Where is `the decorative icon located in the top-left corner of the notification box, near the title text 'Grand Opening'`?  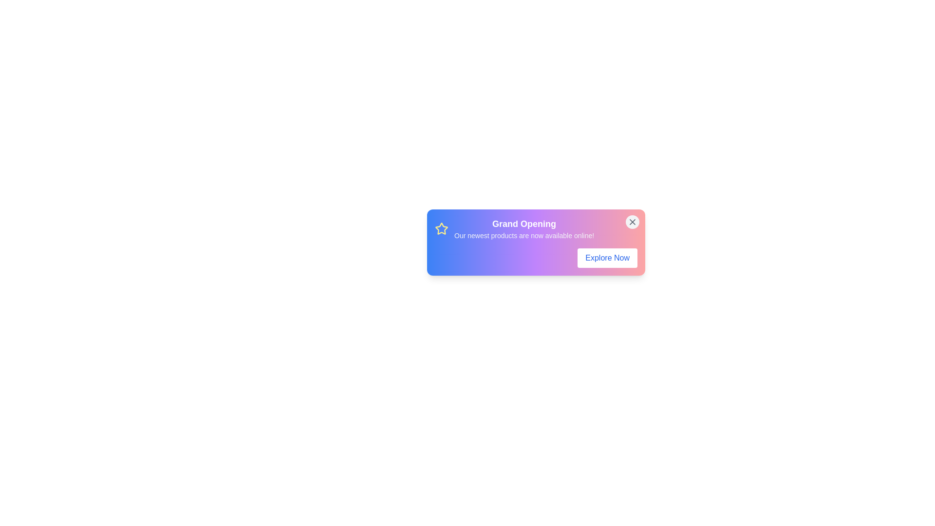 the decorative icon located in the top-left corner of the notification box, near the title text 'Grand Opening' is located at coordinates (441, 228).